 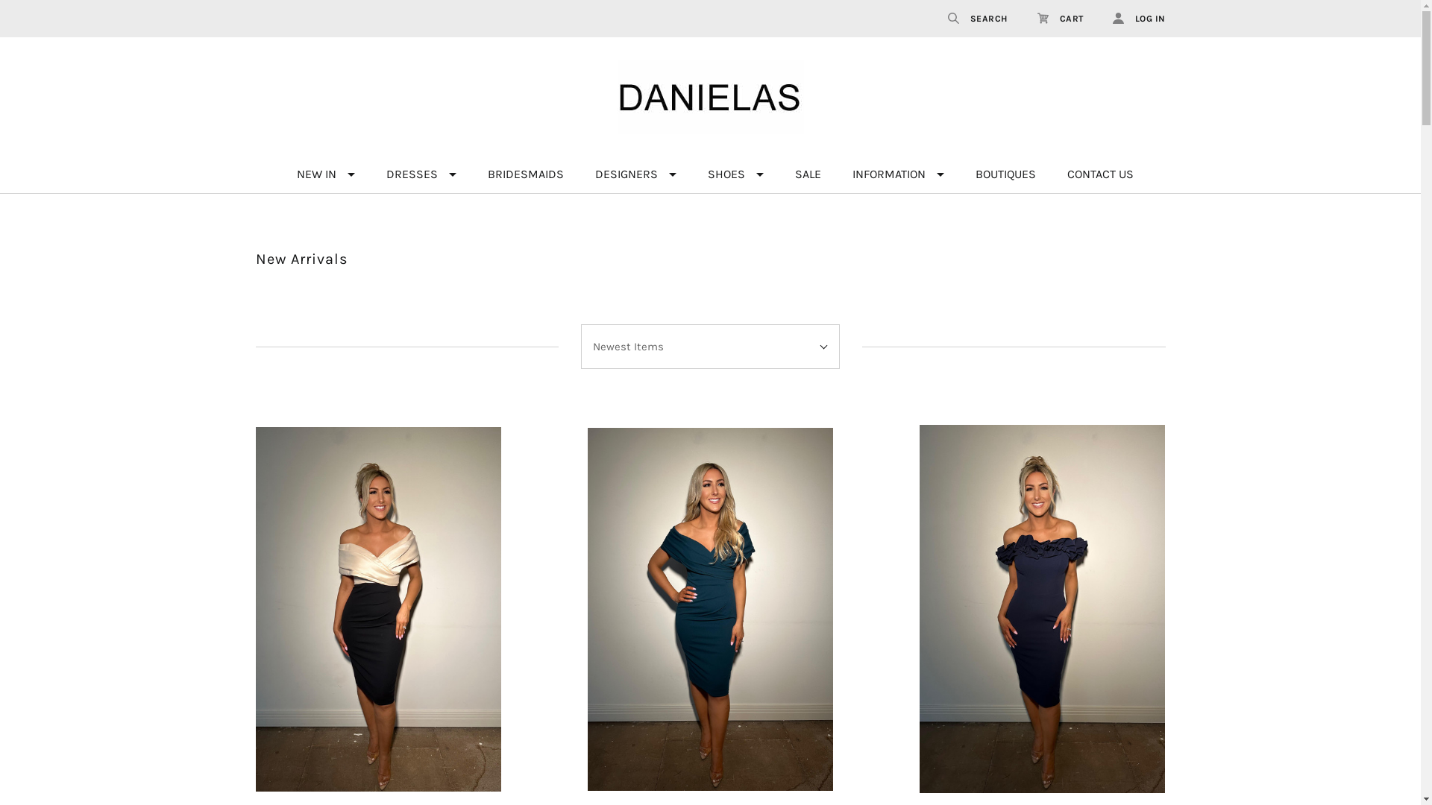 I want to click on 'INFORMATION', so click(x=841, y=174).